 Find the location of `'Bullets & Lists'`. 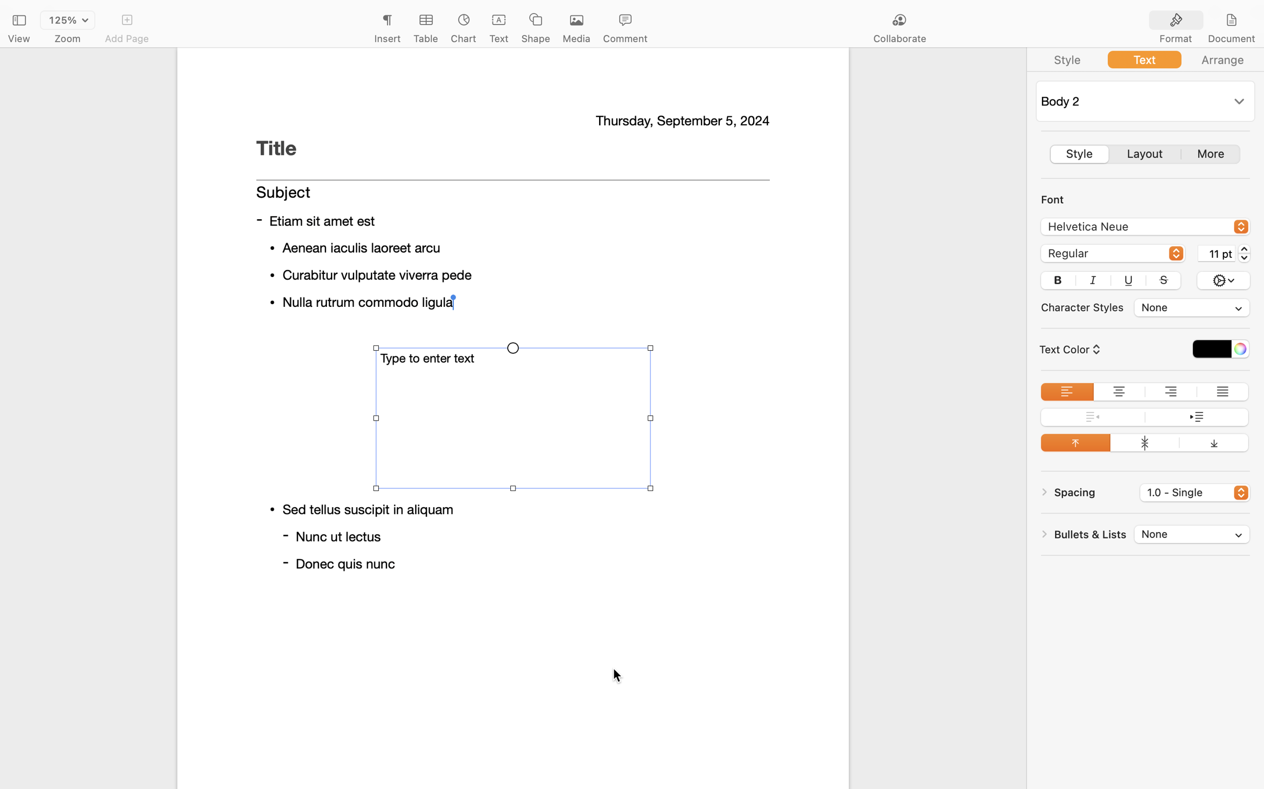

'Bullets & Lists' is located at coordinates (1090, 533).